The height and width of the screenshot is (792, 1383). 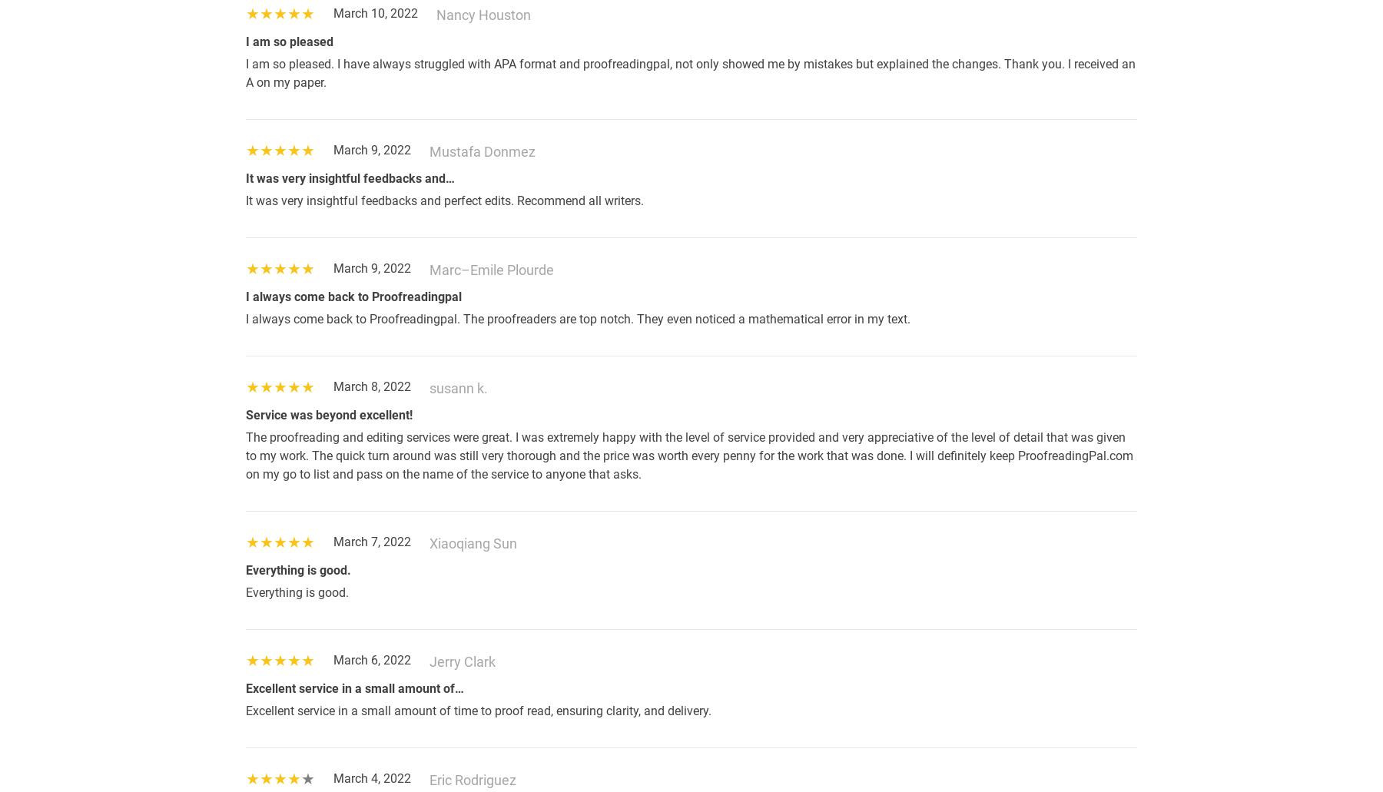 I want to click on 'susann k.', so click(x=429, y=388).